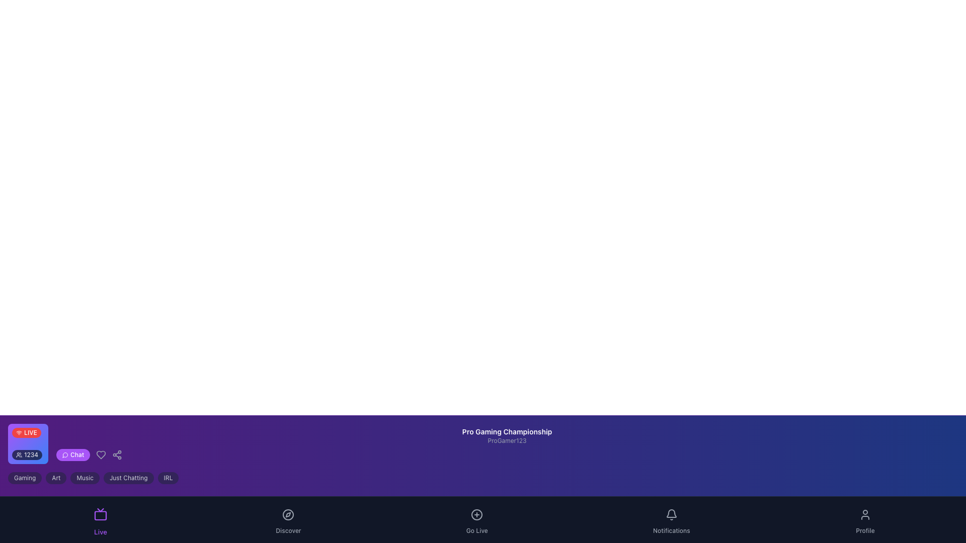  What do you see at coordinates (128, 478) in the screenshot?
I see `the 'Just Chatting' button, which is a rounded rectangular button with a dark gray background and light gray text, located in the bottom menu just above the navigation bar` at bounding box center [128, 478].